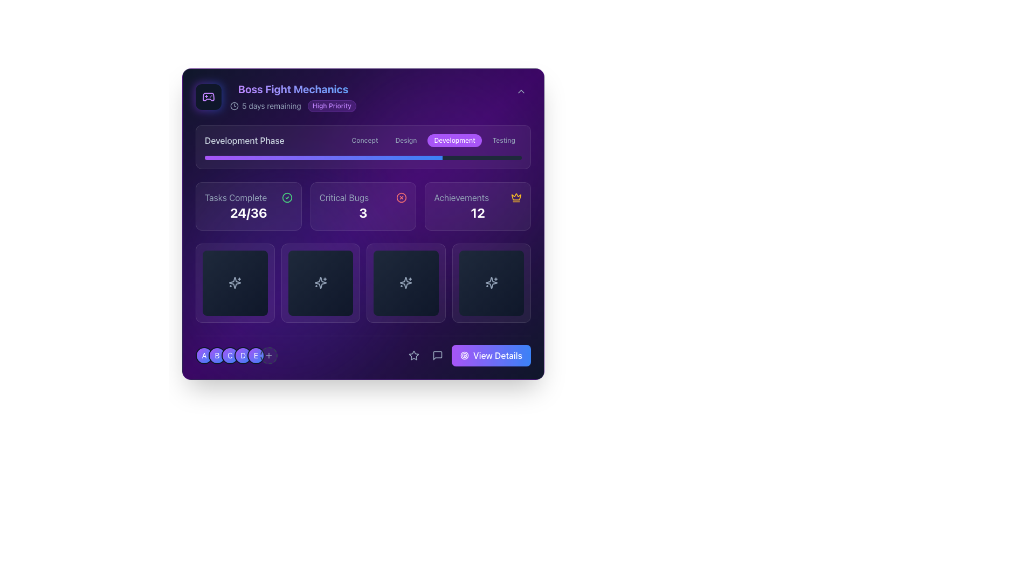  What do you see at coordinates (491, 282) in the screenshot?
I see `the star-shaped icon located in the bottom-right card of the grid layout` at bounding box center [491, 282].